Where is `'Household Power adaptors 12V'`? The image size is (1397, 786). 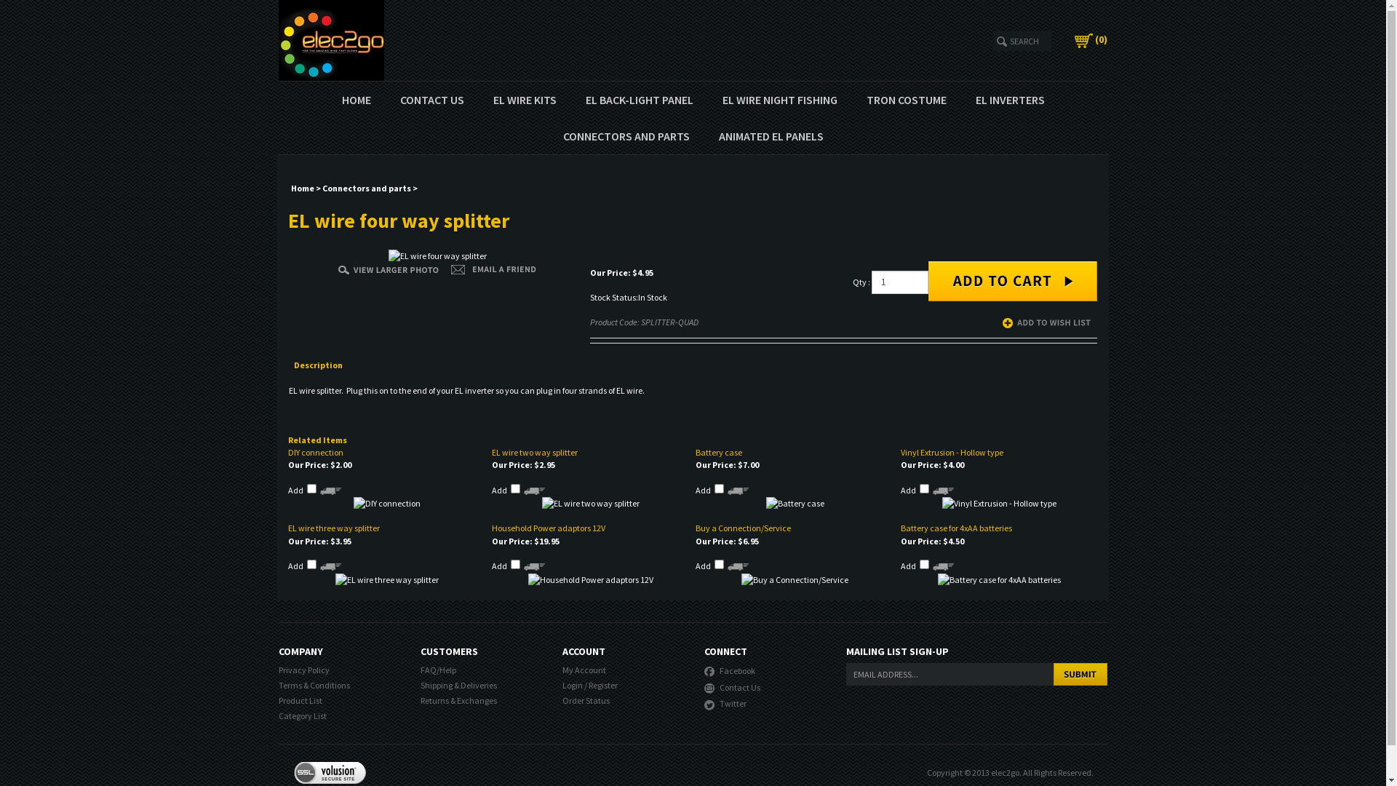 'Household Power adaptors 12V' is located at coordinates (547, 528).